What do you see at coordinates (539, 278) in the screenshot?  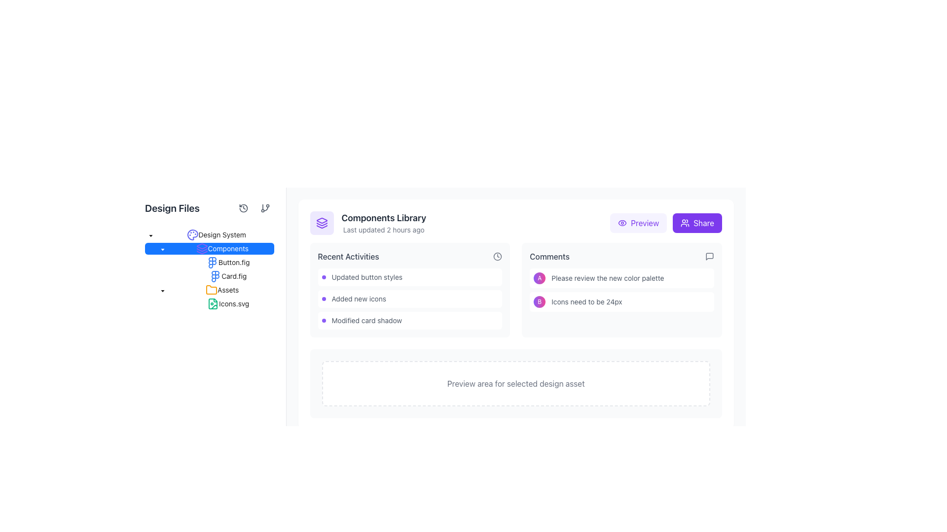 I see `the user avatar in the 'Comments' section associated with the comment 'Please review the new color palette'` at bounding box center [539, 278].